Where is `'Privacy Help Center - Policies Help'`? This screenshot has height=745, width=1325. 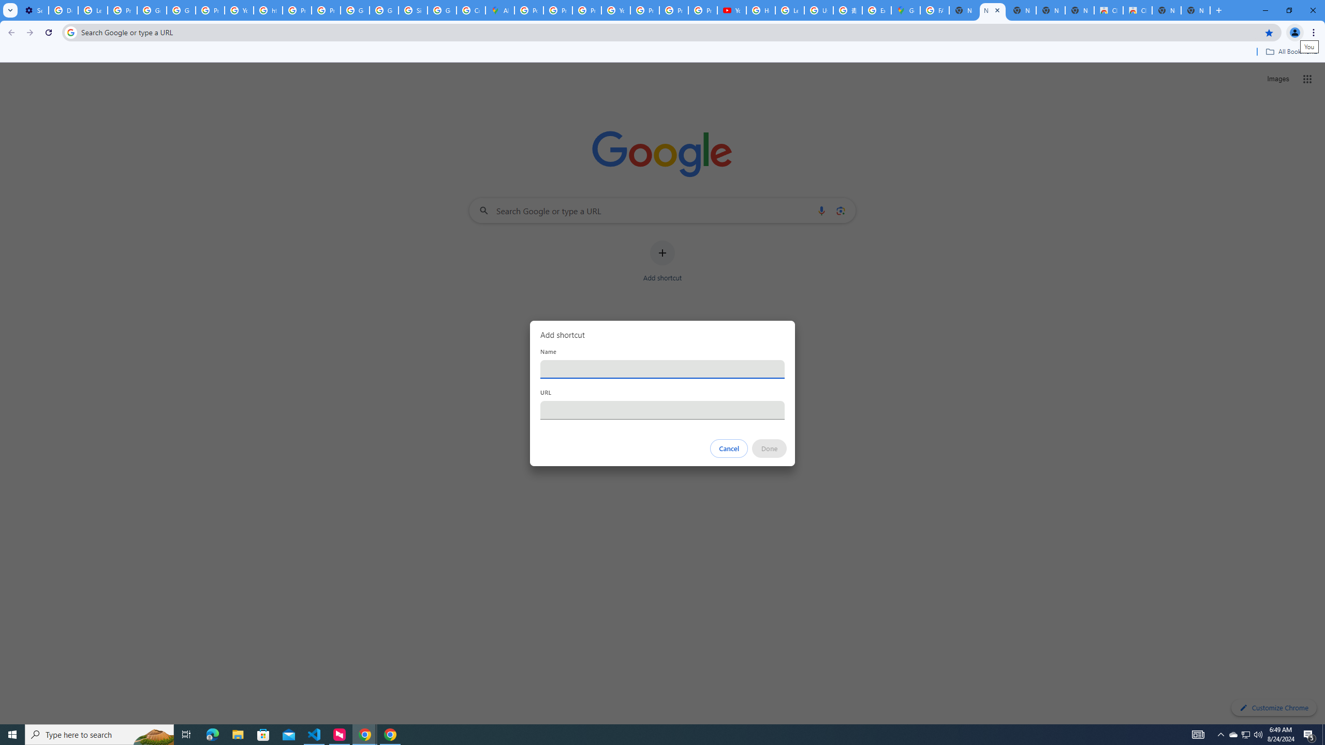 'Privacy Help Center - Policies Help' is located at coordinates (586, 10).